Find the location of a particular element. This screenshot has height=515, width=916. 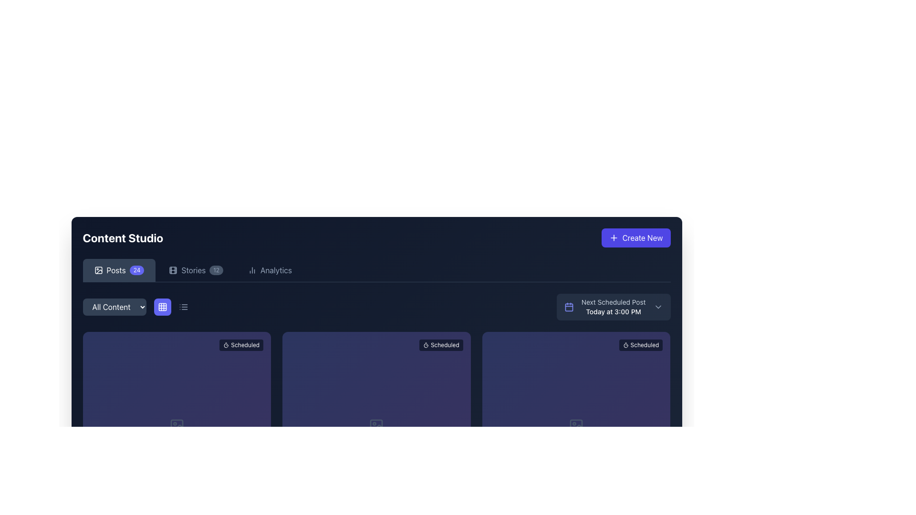

the grid layout button, which is a small rectangular icon with a grid of nine squares, located between the 'All Content' dropdown and a list view icon is located at coordinates (173, 307).